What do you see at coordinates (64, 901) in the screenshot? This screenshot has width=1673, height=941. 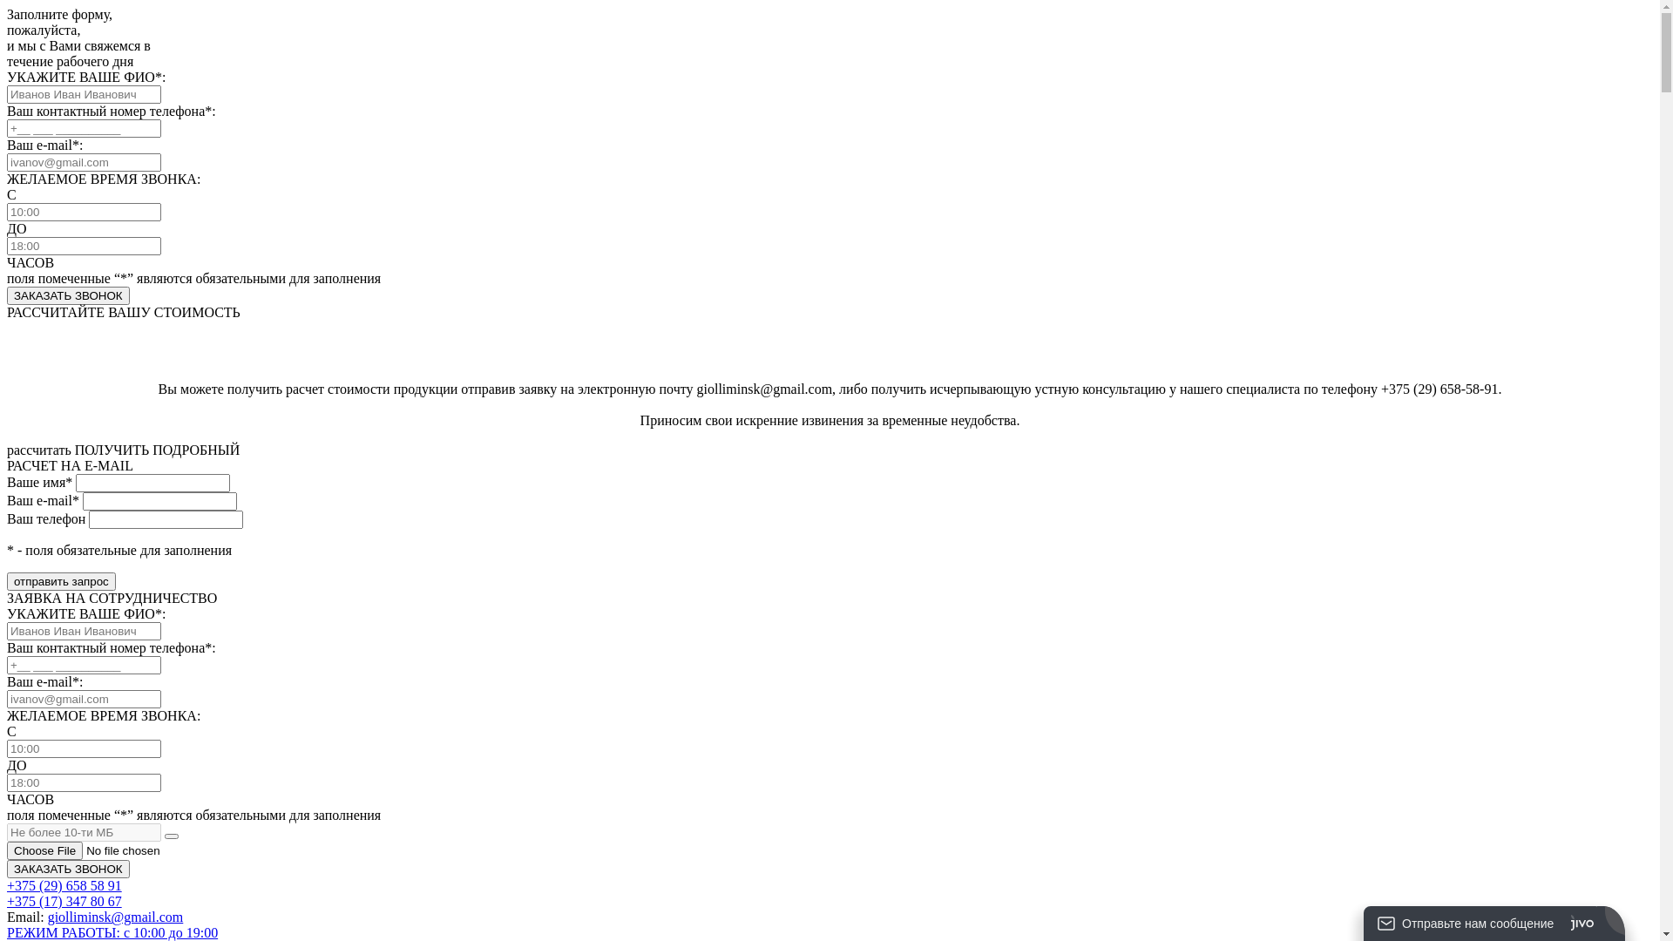 I see `'+375 (17) 347 80 67'` at bounding box center [64, 901].